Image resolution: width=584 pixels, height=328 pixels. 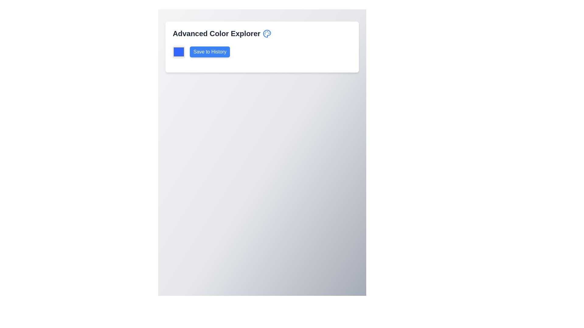 I want to click on the heading element that identifies the purpose or theme of the interface, located above the 'Save to History' button, so click(x=262, y=34).